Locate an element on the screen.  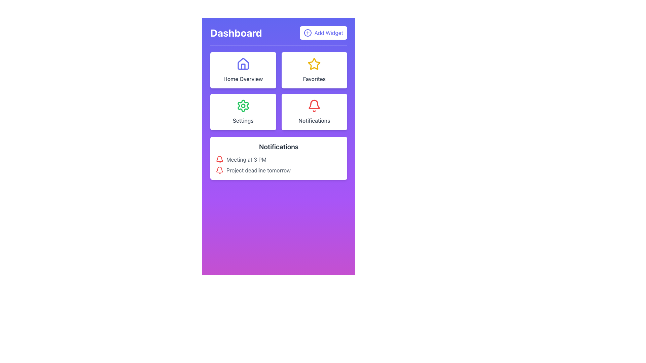
the bottom ringing area of the bell-shaped icon located in the Notifications section of the dashboard is located at coordinates (219, 159).